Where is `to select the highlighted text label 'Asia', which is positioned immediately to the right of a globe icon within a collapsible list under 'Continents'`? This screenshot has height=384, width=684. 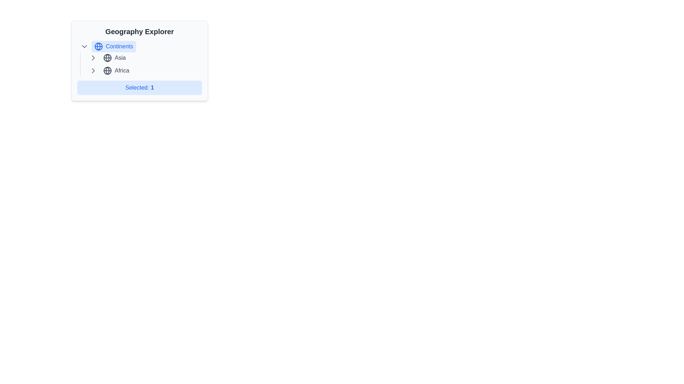 to select the highlighted text label 'Asia', which is positioned immediately to the right of a globe icon within a collapsible list under 'Continents' is located at coordinates (120, 57).